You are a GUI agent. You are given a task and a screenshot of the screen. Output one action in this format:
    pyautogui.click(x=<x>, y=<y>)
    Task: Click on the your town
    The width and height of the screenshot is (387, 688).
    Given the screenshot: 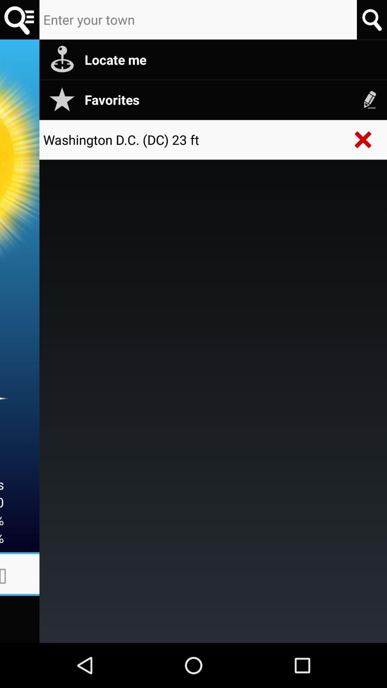 What is the action you would take?
    pyautogui.click(x=198, y=20)
    